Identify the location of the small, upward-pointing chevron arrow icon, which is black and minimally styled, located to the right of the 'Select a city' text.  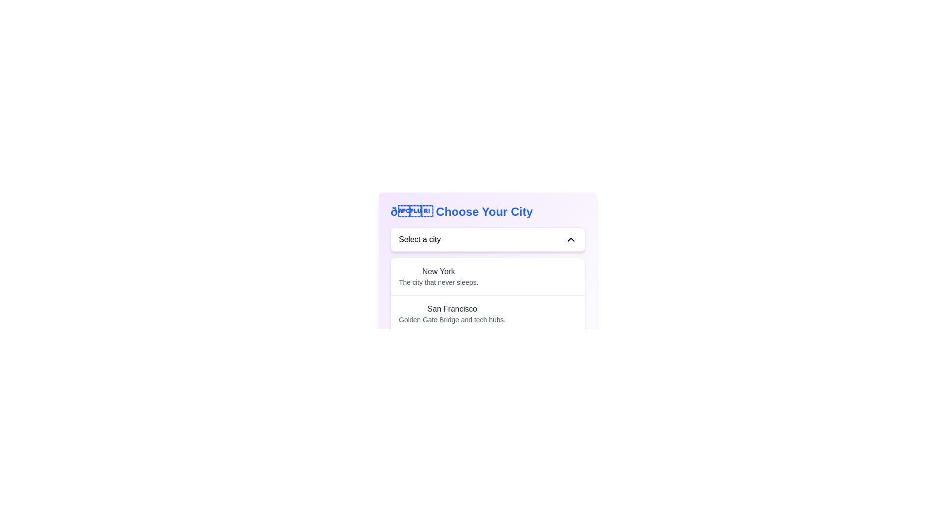
(571, 240).